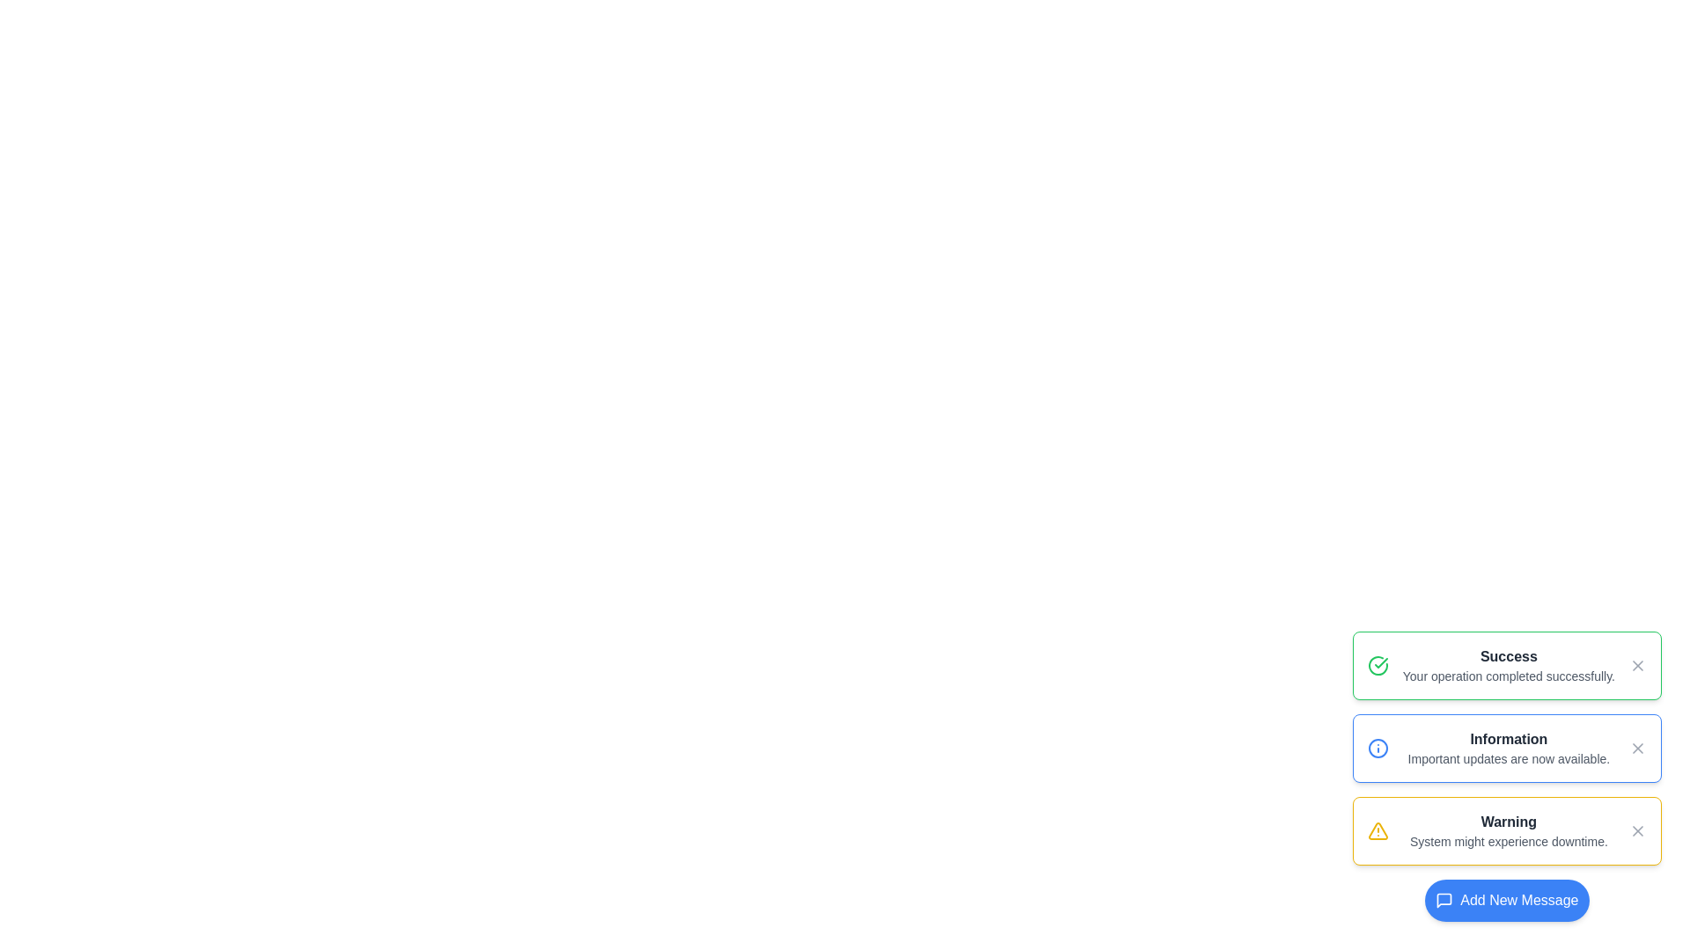 The image size is (1690, 950). Describe the element at coordinates (1508, 749) in the screenshot. I see `the informational display component titled 'Information', which is positioned as the second notification in a vertical list of notifications` at that location.